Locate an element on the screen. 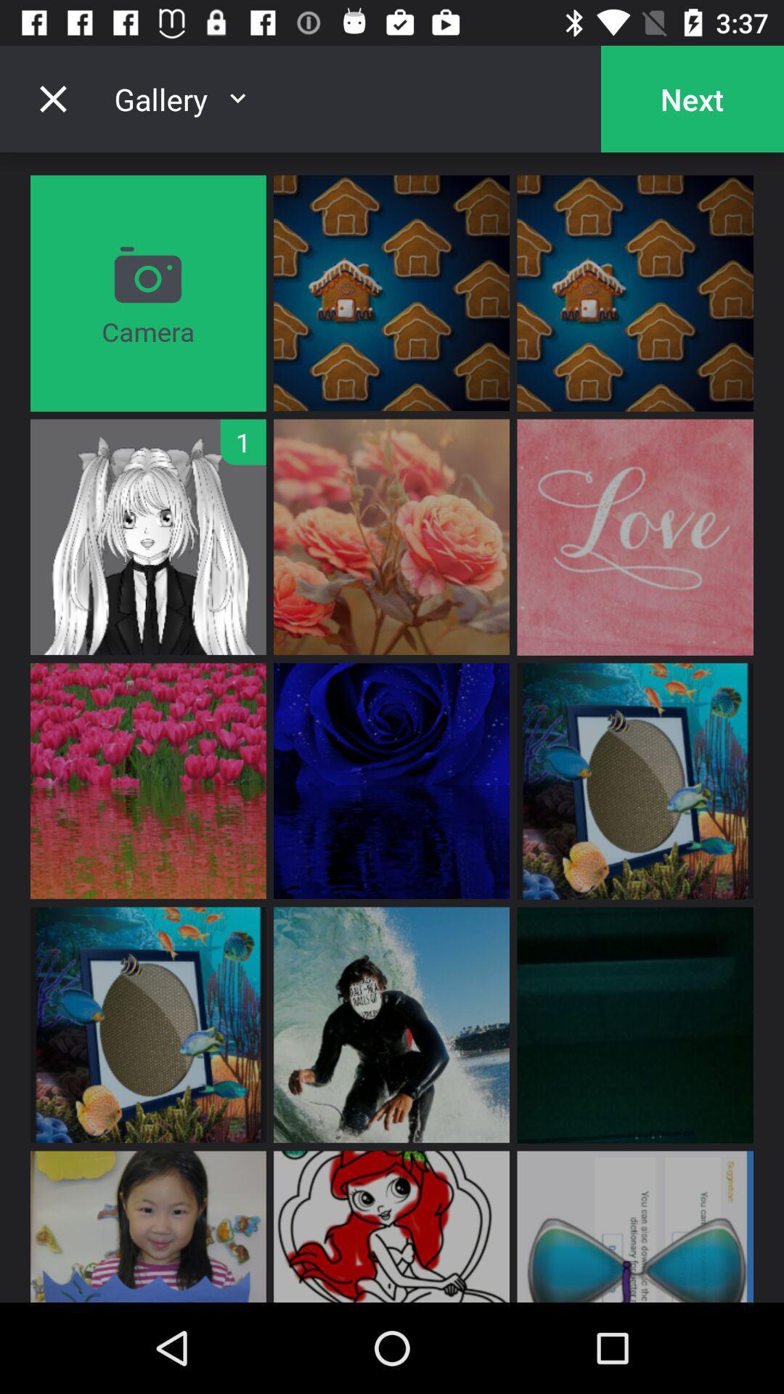 Image resolution: width=784 pixels, height=1394 pixels. gallery is located at coordinates (52, 98).